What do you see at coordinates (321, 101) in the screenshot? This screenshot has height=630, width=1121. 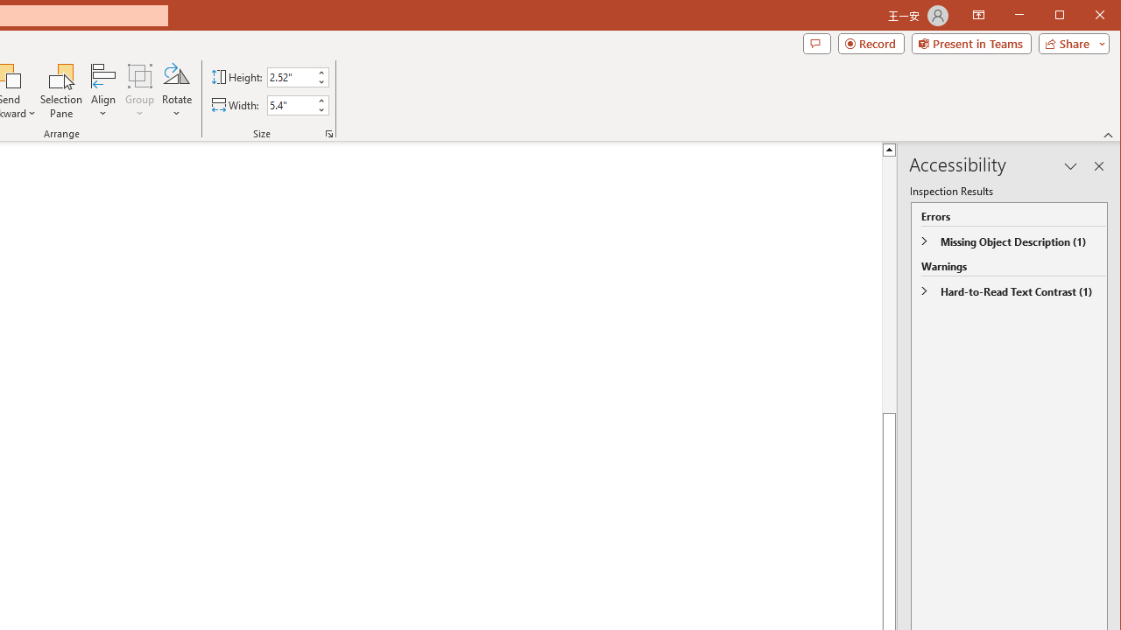 I see `'More'` at bounding box center [321, 101].